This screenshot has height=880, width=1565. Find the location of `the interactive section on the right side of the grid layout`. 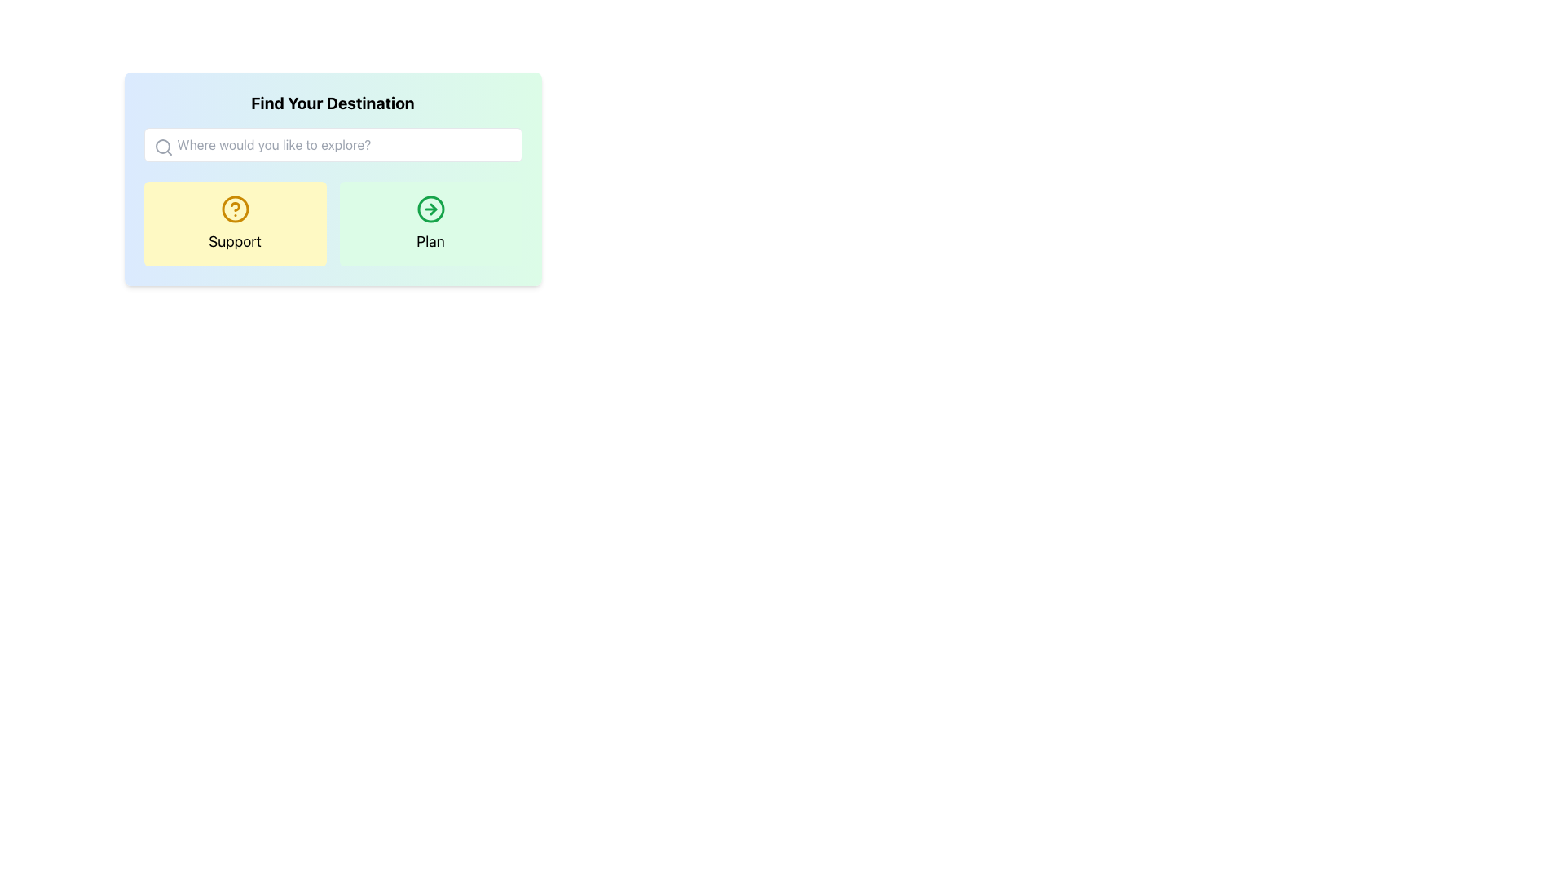

the interactive section on the right side of the grid layout is located at coordinates (430, 223).